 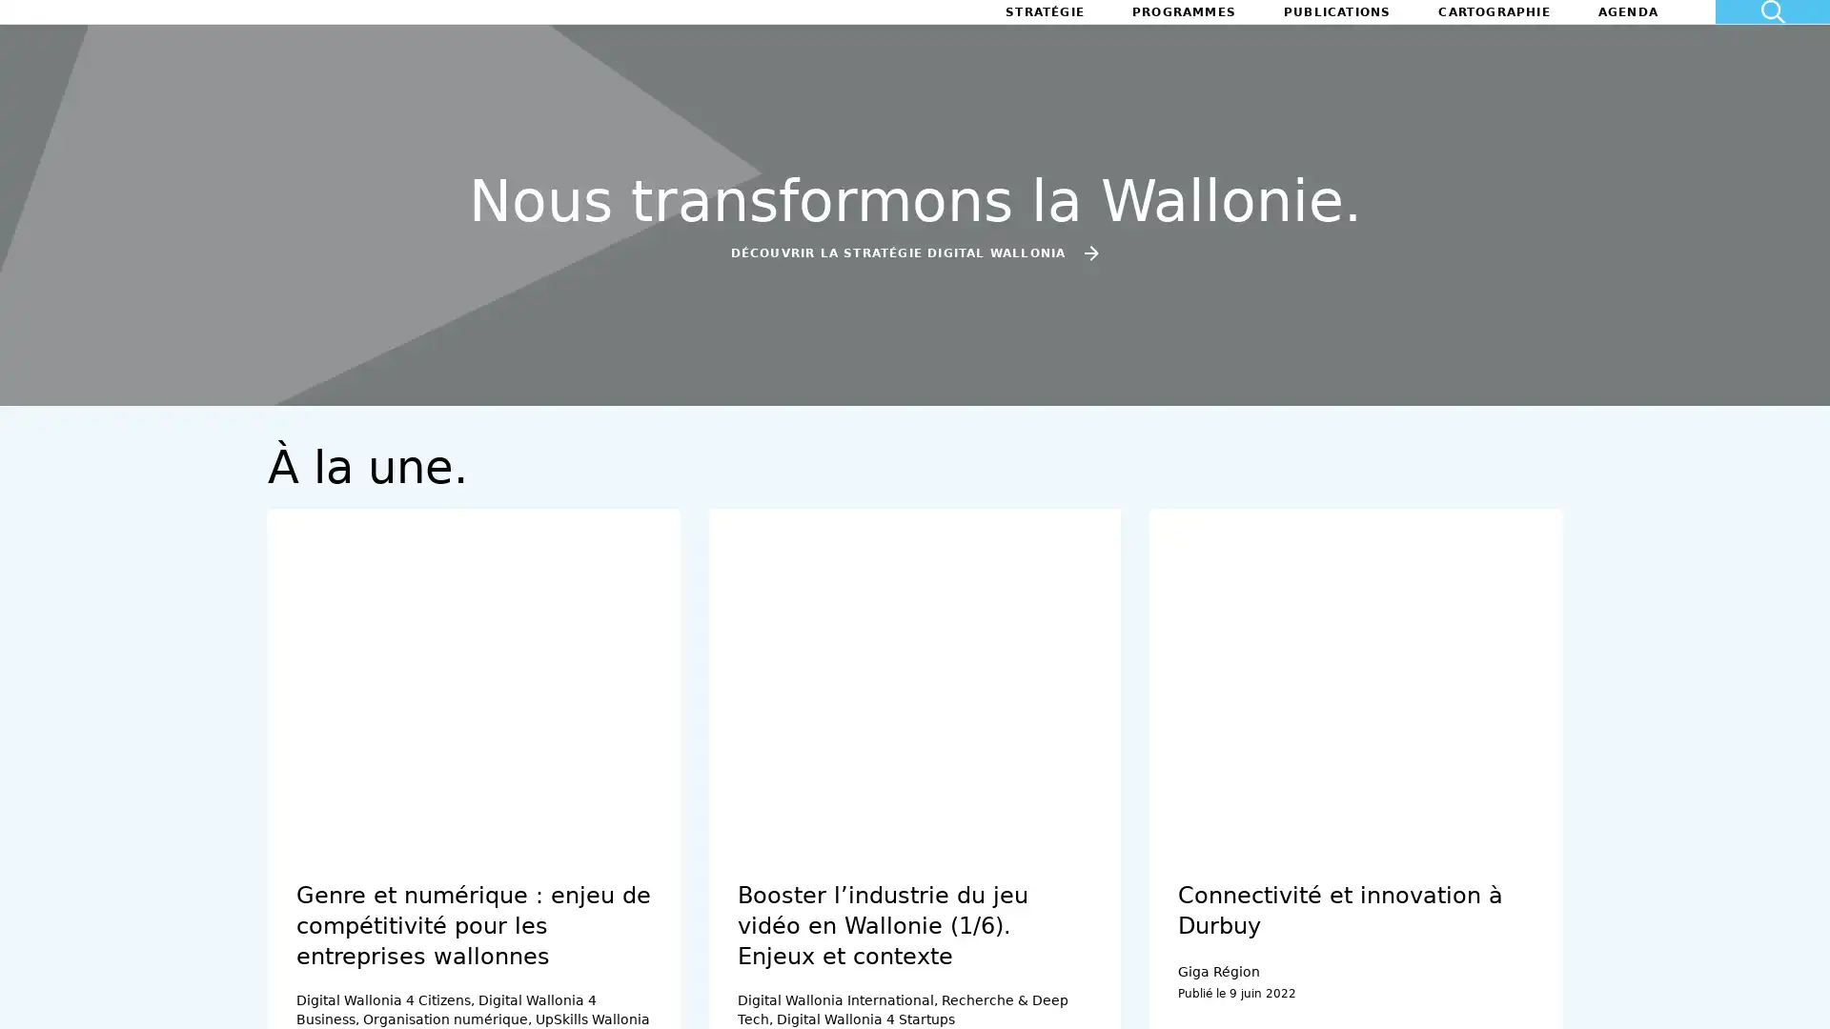 I want to click on Non merci, so click(x=85, y=932).